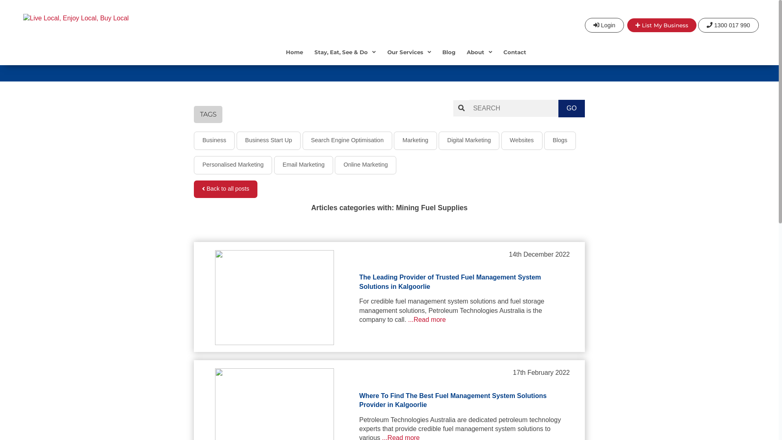  I want to click on 'Blog', so click(436, 57).